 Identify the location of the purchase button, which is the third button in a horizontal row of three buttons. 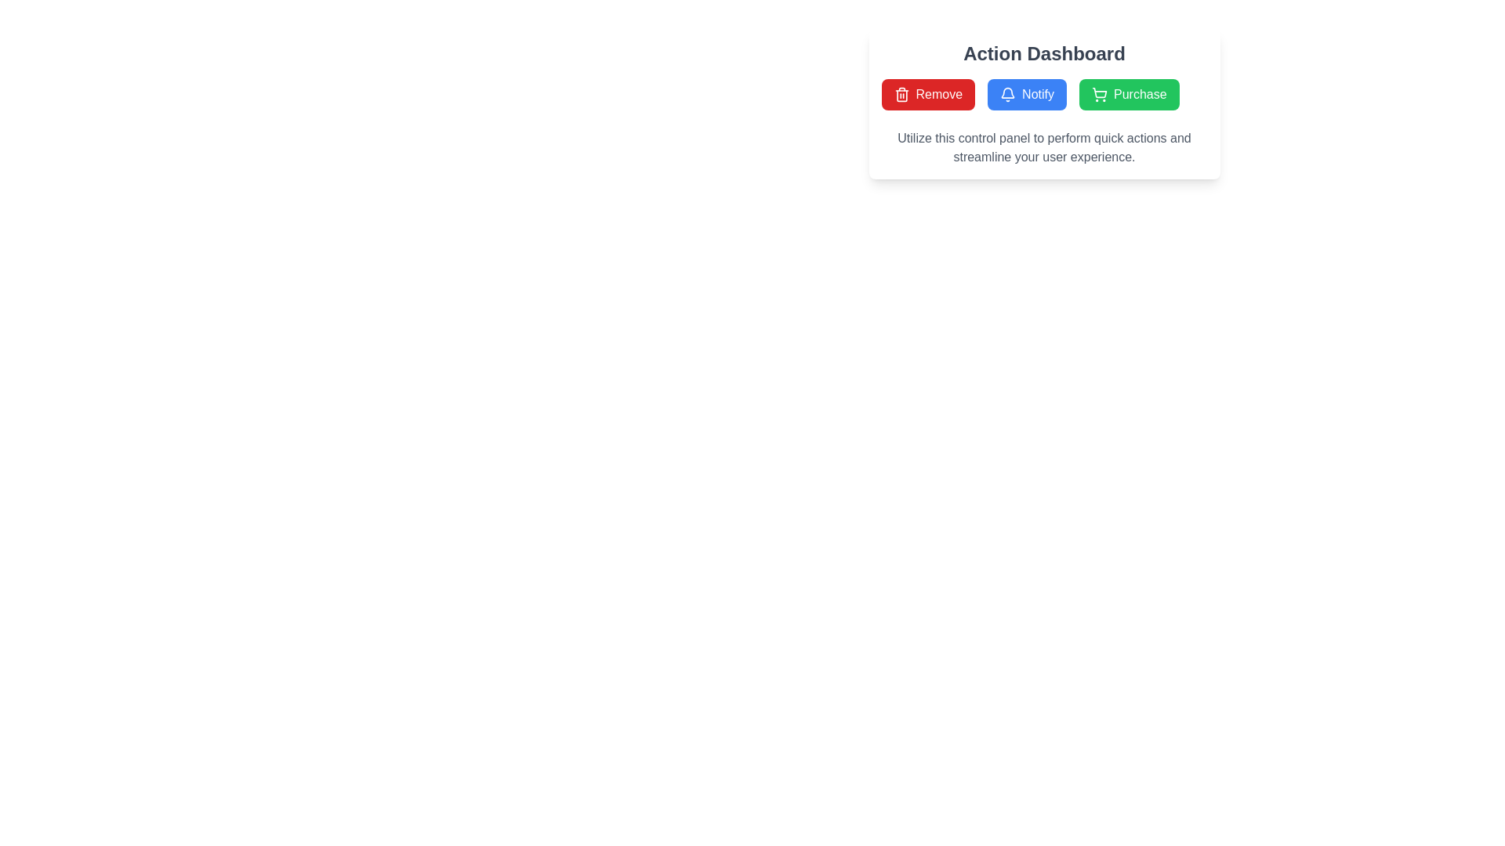
(1129, 94).